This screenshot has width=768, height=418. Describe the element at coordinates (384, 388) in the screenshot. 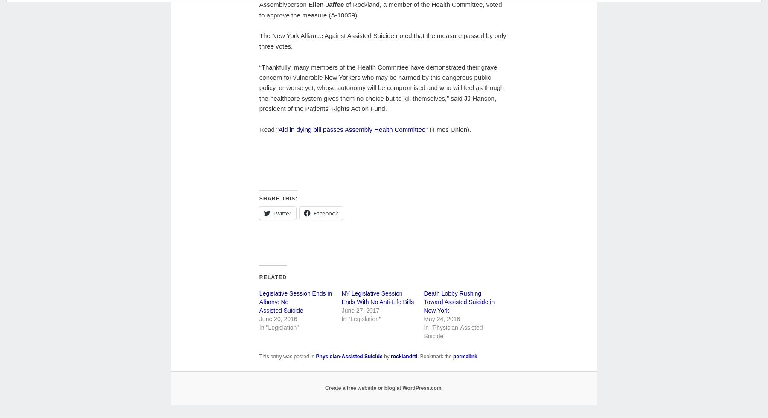

I see `'Create a free website or blog at WordPress.com.'` at that location.